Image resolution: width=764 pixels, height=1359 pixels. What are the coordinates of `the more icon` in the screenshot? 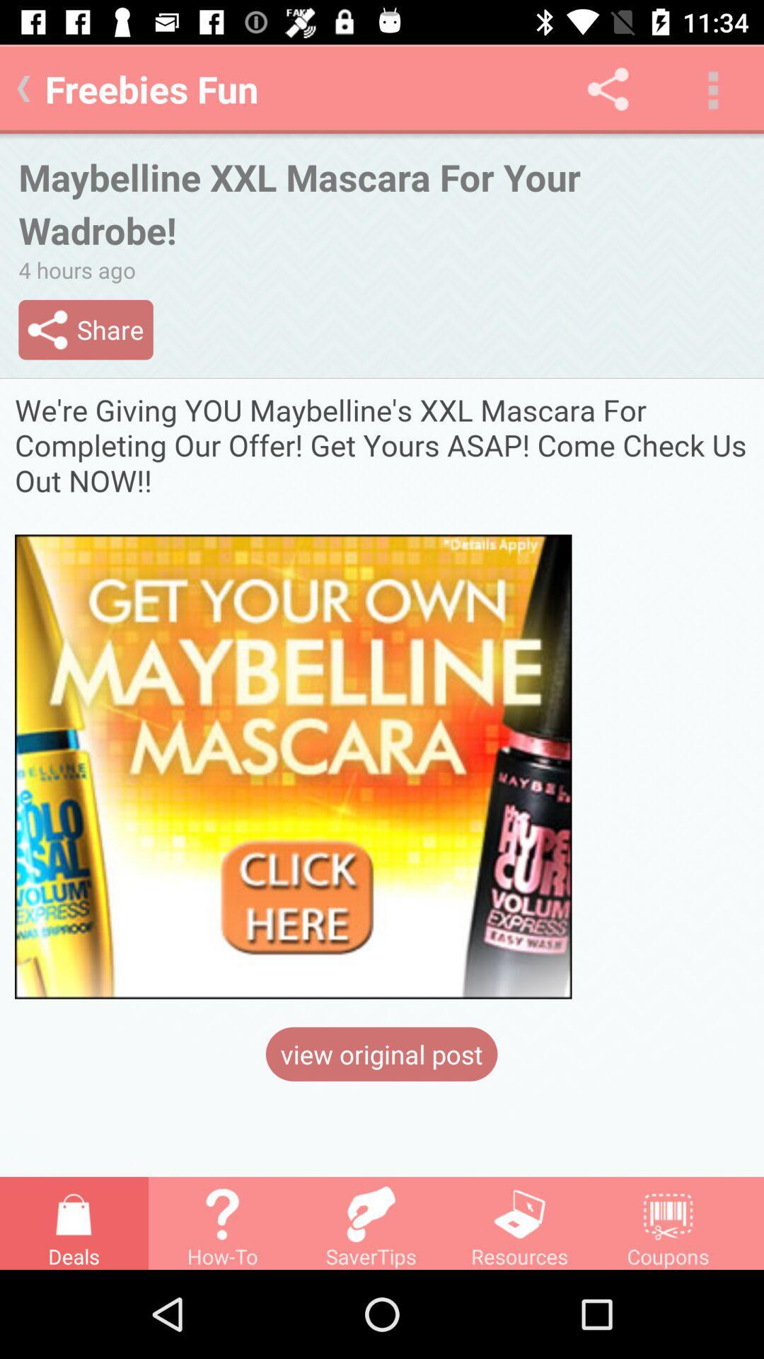 It's located at (712, 88).